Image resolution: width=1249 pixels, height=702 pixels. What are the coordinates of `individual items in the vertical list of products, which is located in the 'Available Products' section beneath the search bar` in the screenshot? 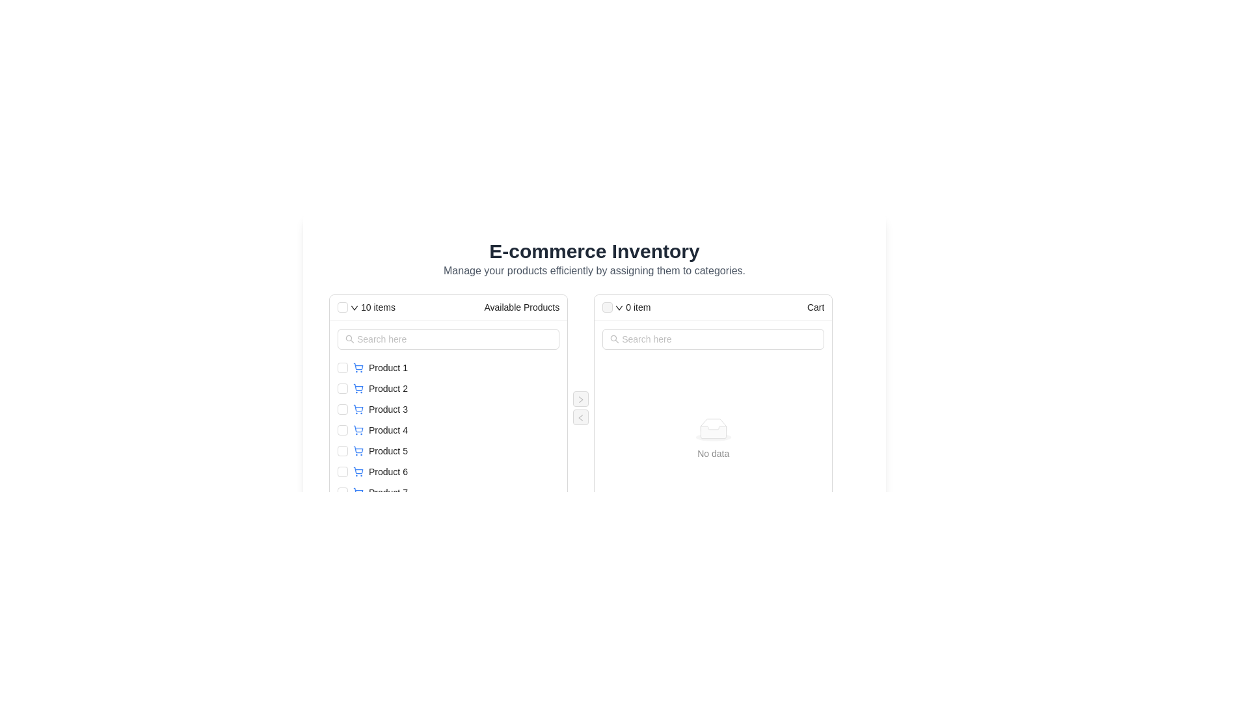 It's located at (448, 421).